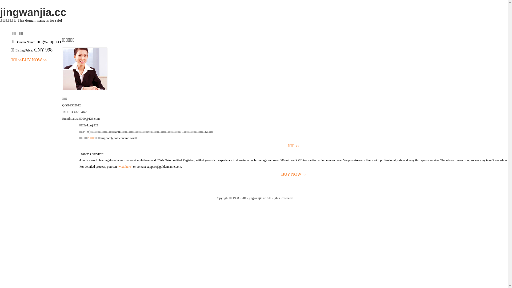 The height and width of the screenshot is (288, 512). I want to click on 'BUY NOW>>', so click(21, 60).